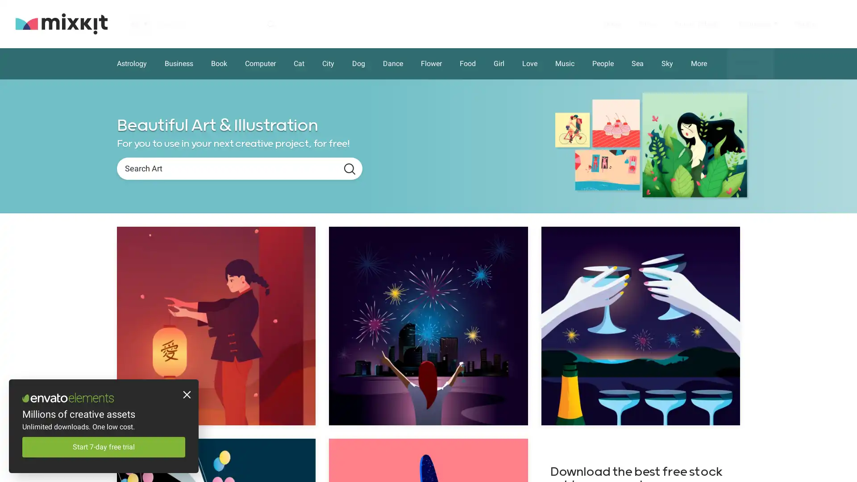 This screenshot has width=857, height=482. I want to click on Search, so click(270, 23).